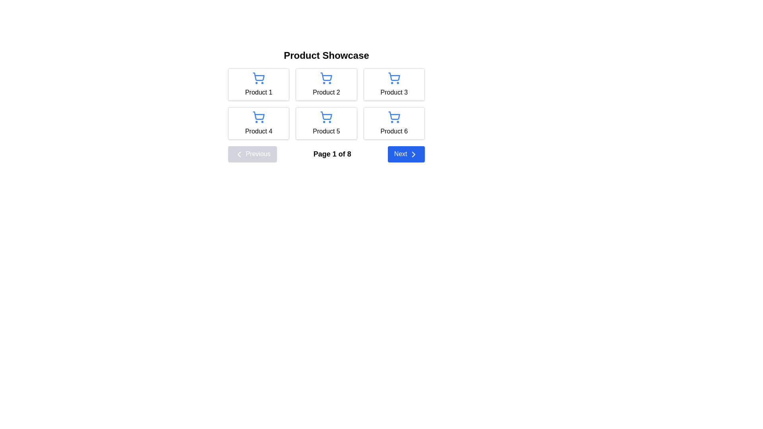 This screenshot has height=429, width=763. I want to click on the title or heading element that denotes the product showcase section, positioned at the top-center of the section, so click(326, 55).